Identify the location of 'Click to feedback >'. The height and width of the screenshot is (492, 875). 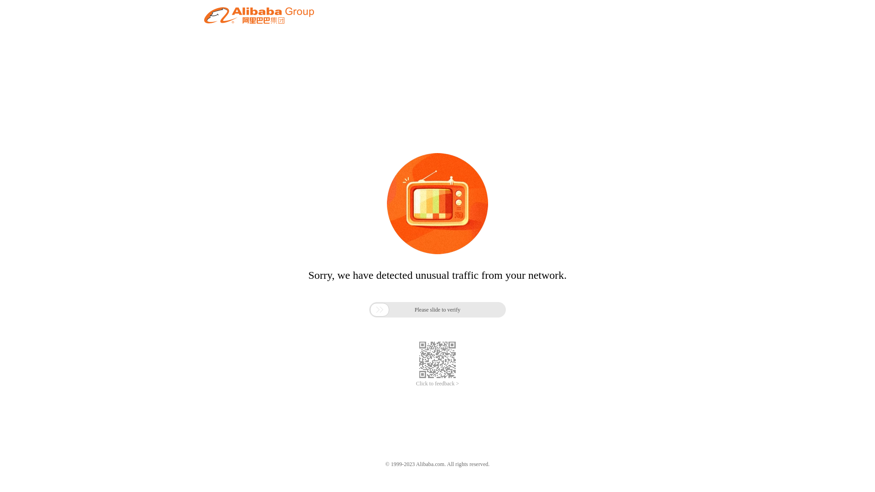
(437, 384).